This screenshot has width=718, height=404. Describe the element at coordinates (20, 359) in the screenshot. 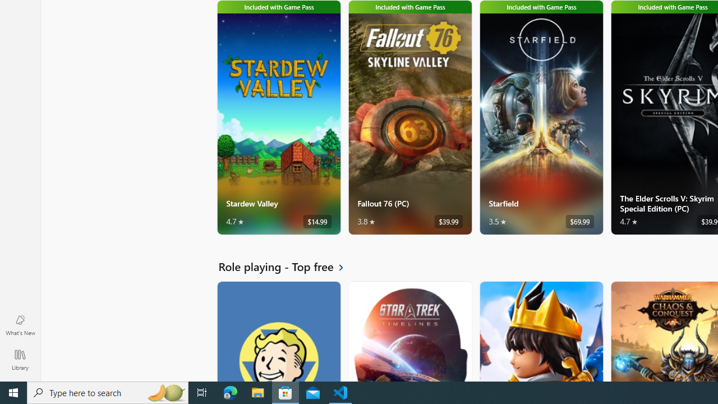

I see `'Library'` at that location.